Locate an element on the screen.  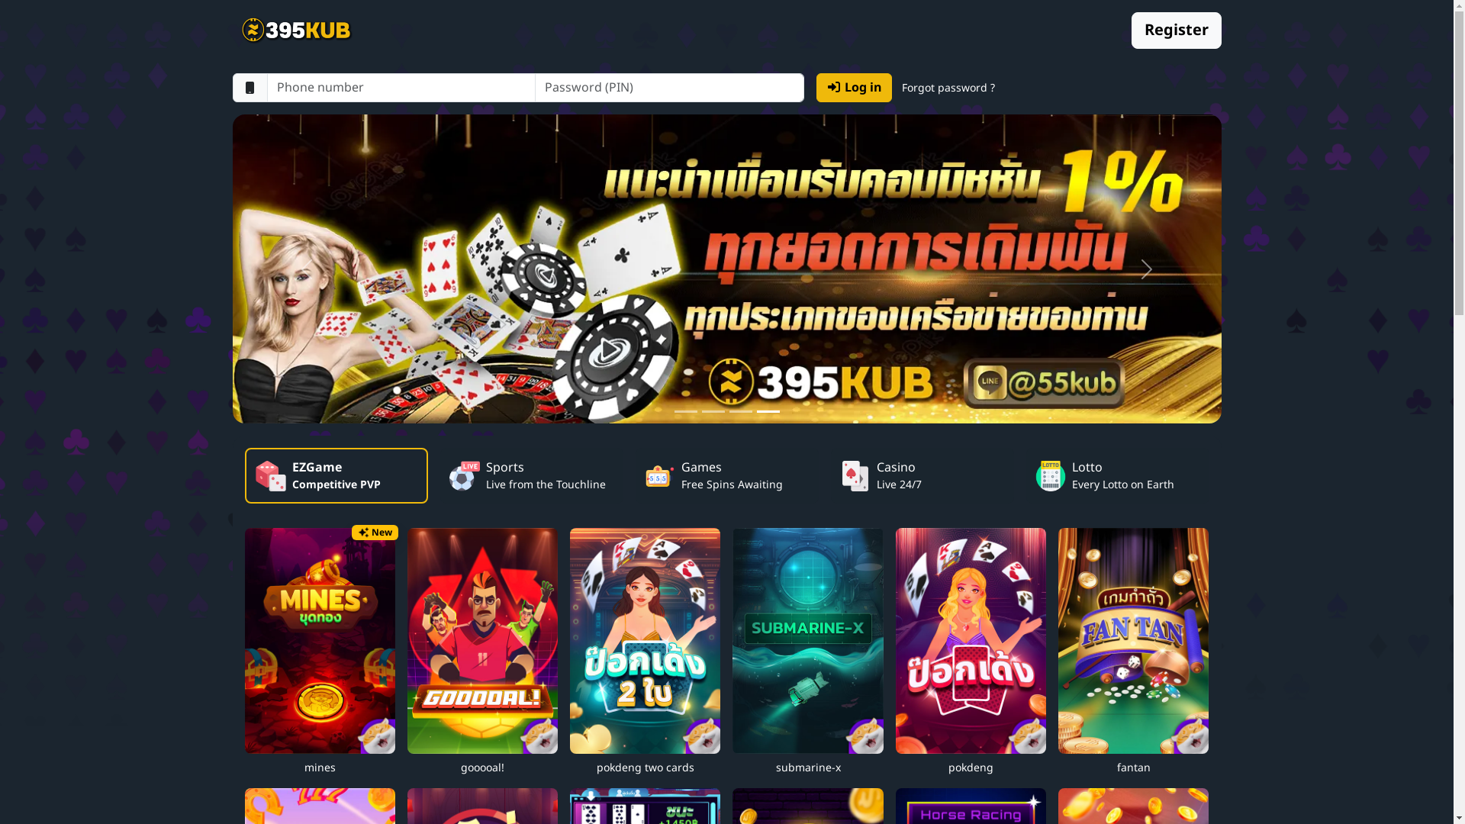
'EZGame is located at coordinates (335, 475).